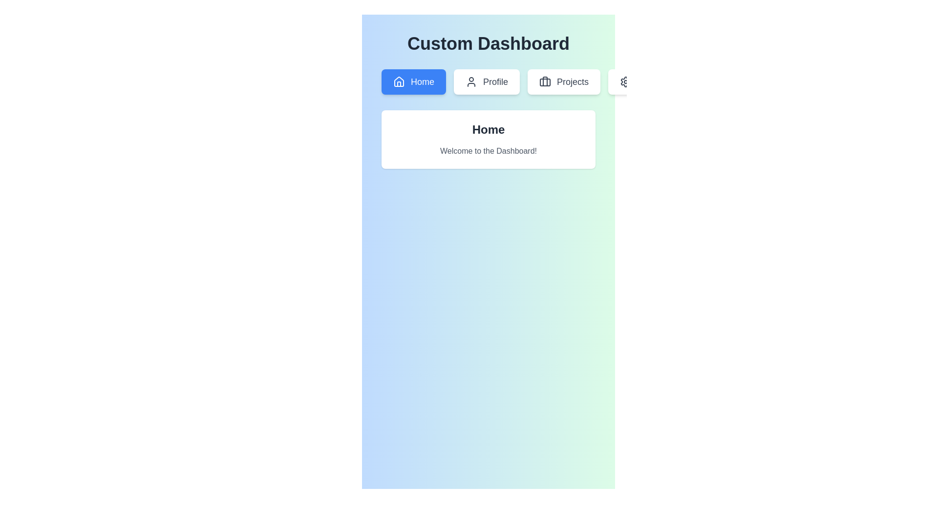 Image resolution: width=938 pixels, height=527 pixels. Describe the element at coordinates (626, 81) in the screenshot. I see `the settings icon located at the top right of the interface, adjacent to the navigation bar for accessing configuration options` at that location.